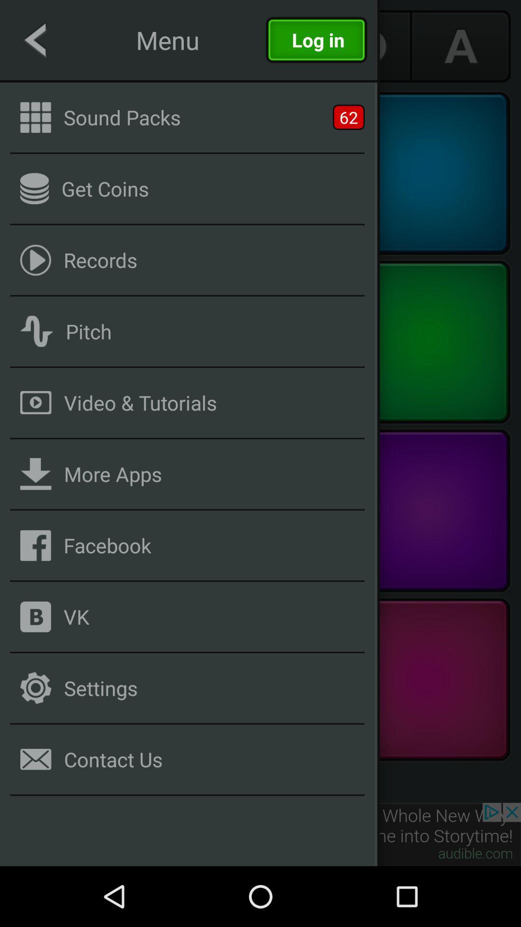 The image size is (521, 927). What do you see at coordinates (460, 46) in the screenshot?
I see `the font icon` at bounding box center [460, 46].